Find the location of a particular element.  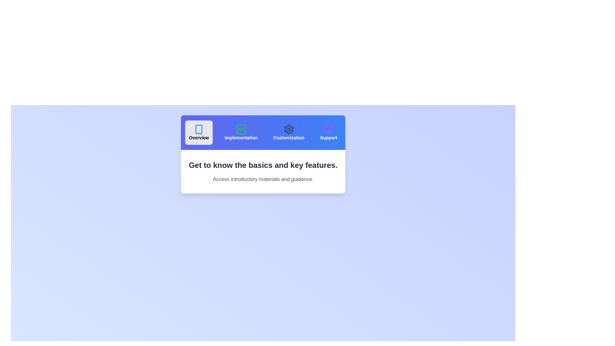

the tab labeled Support is located at coordinates (329, 132).